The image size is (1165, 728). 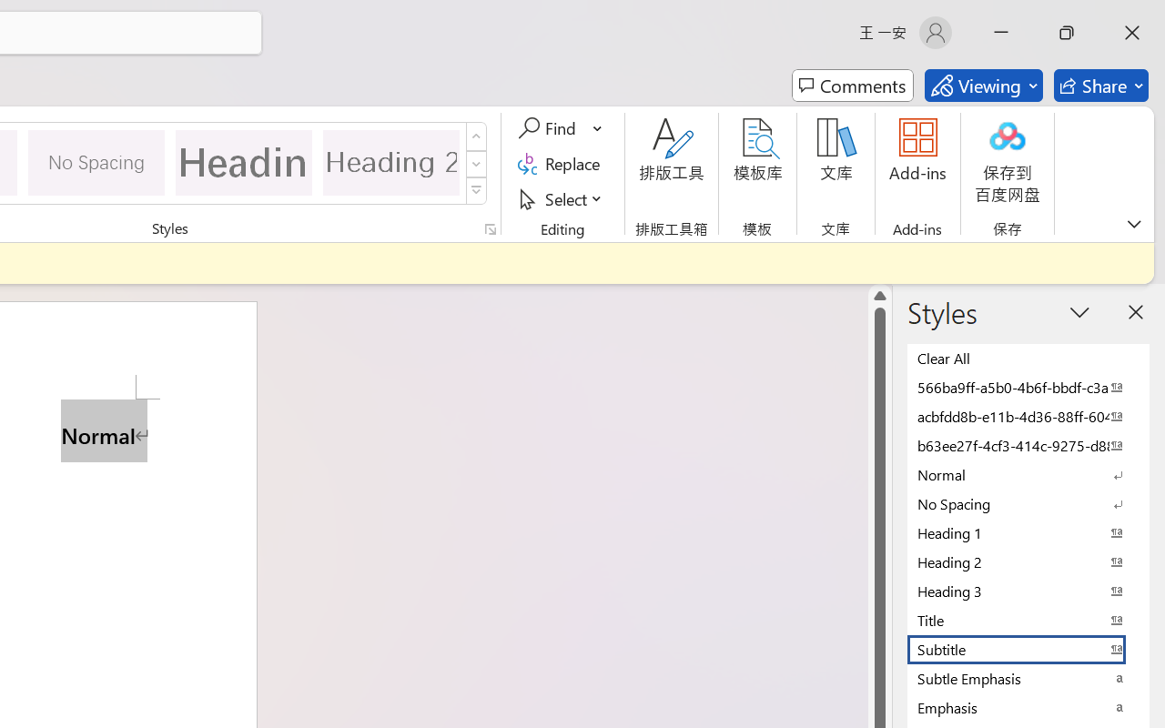 I want to click on 'Row up', so click(x=476, y=136).